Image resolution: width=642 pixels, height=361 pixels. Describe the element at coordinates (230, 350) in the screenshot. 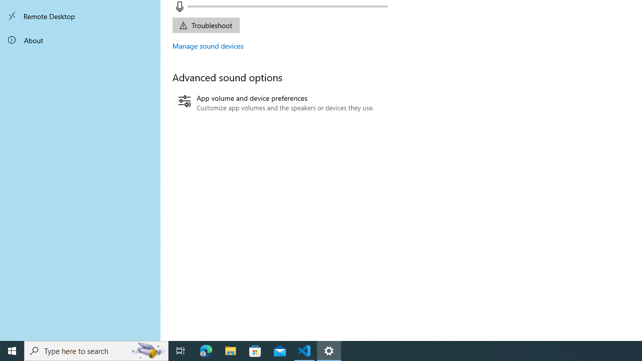

I see `'File Explorer'` at that location.